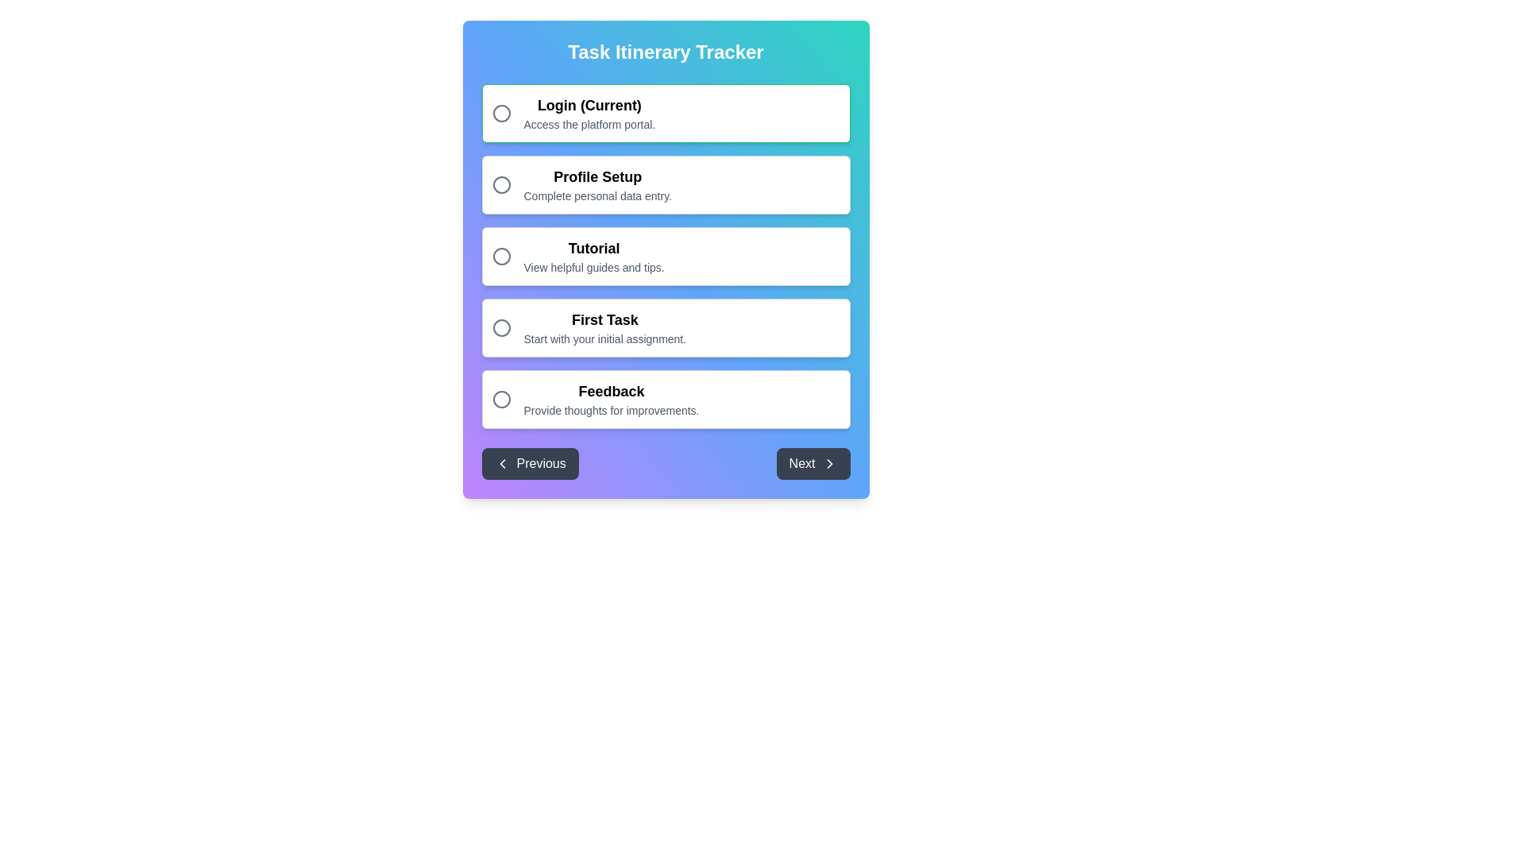  I want to click on the static text label indicating the current active state of 'Login' in the task progress within the 'Task Itinerary Tracker' interface, so click(589, 105).